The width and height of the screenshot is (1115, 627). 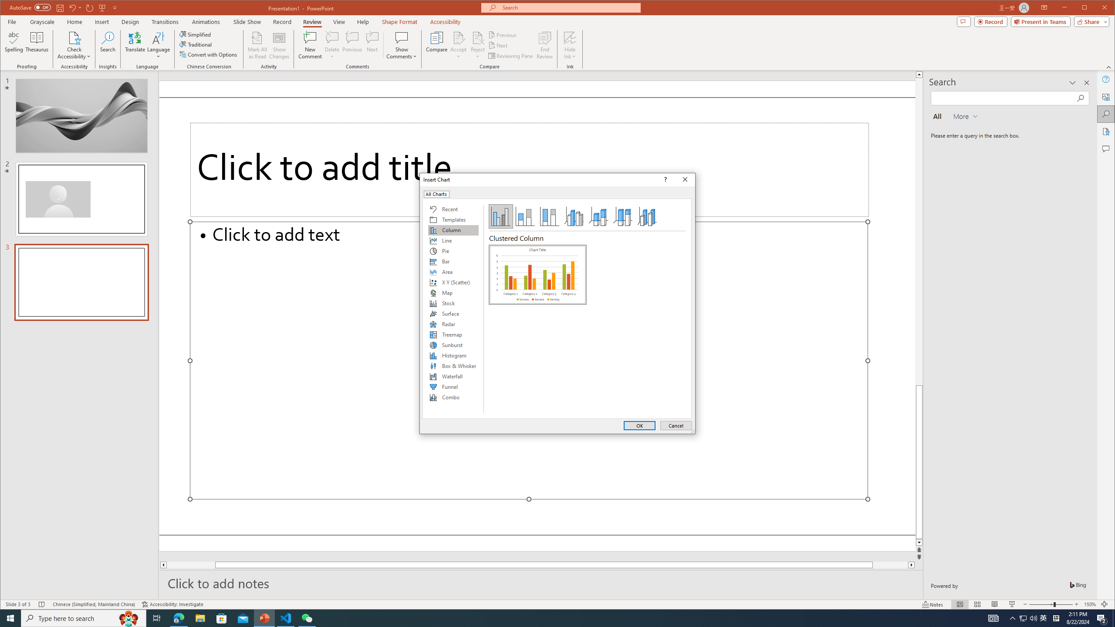 I want to click on 'Waterfall', so click(x=453, y=376).